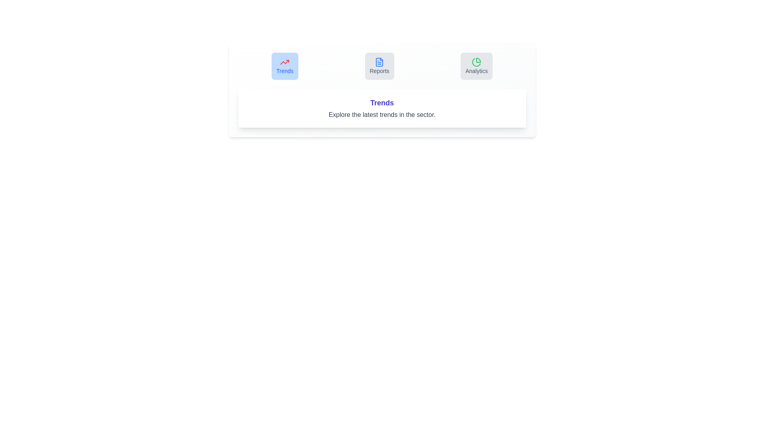  What do you see at coordinates (477, 65) in the screenshot?
I see `the tab labeled Analytics and analyze its content` at bounding box center [477, 65].